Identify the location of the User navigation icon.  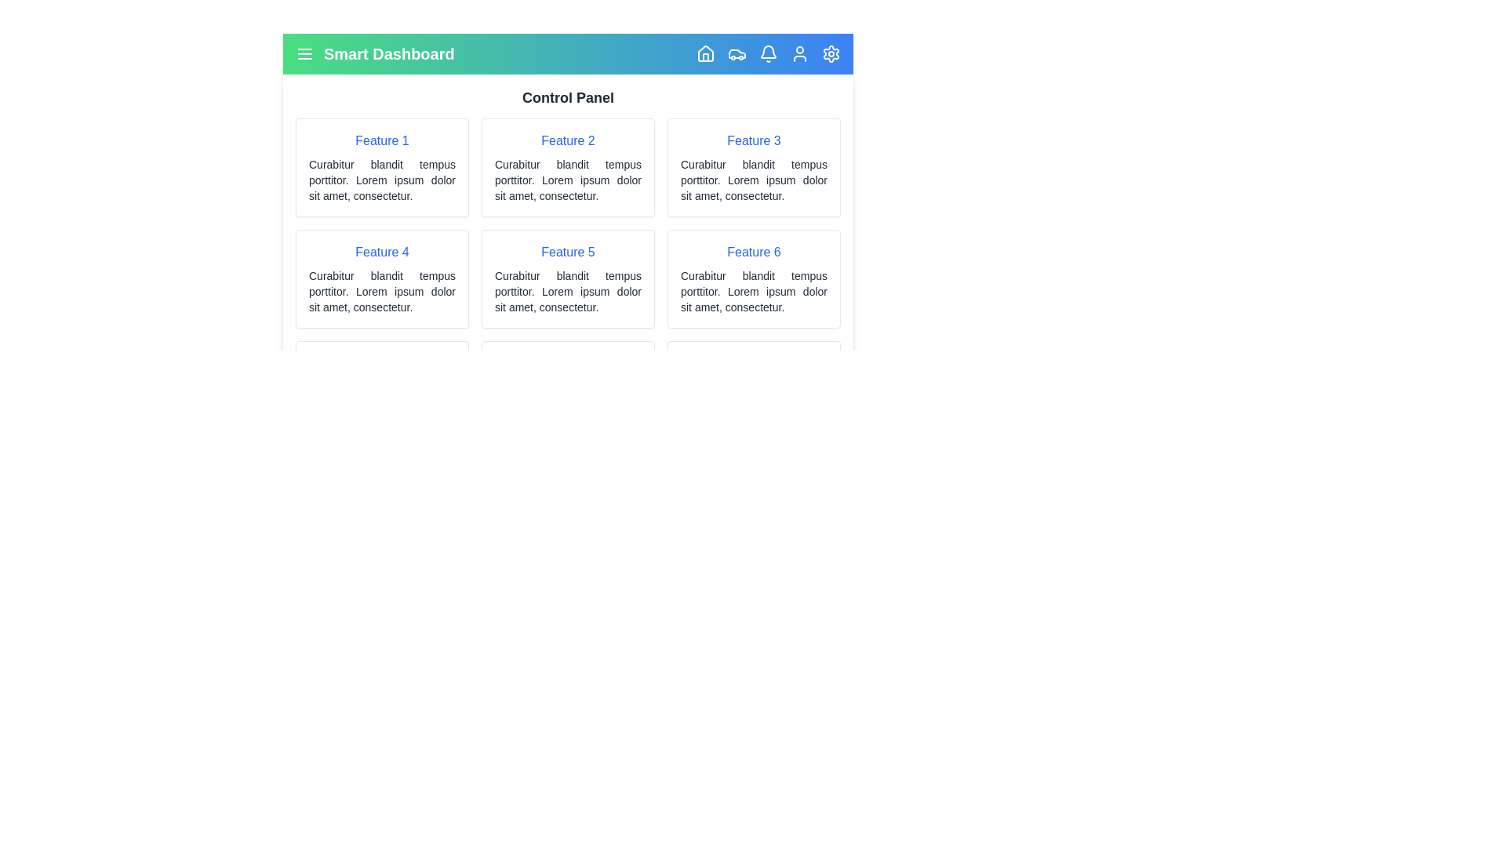
(799, 53).